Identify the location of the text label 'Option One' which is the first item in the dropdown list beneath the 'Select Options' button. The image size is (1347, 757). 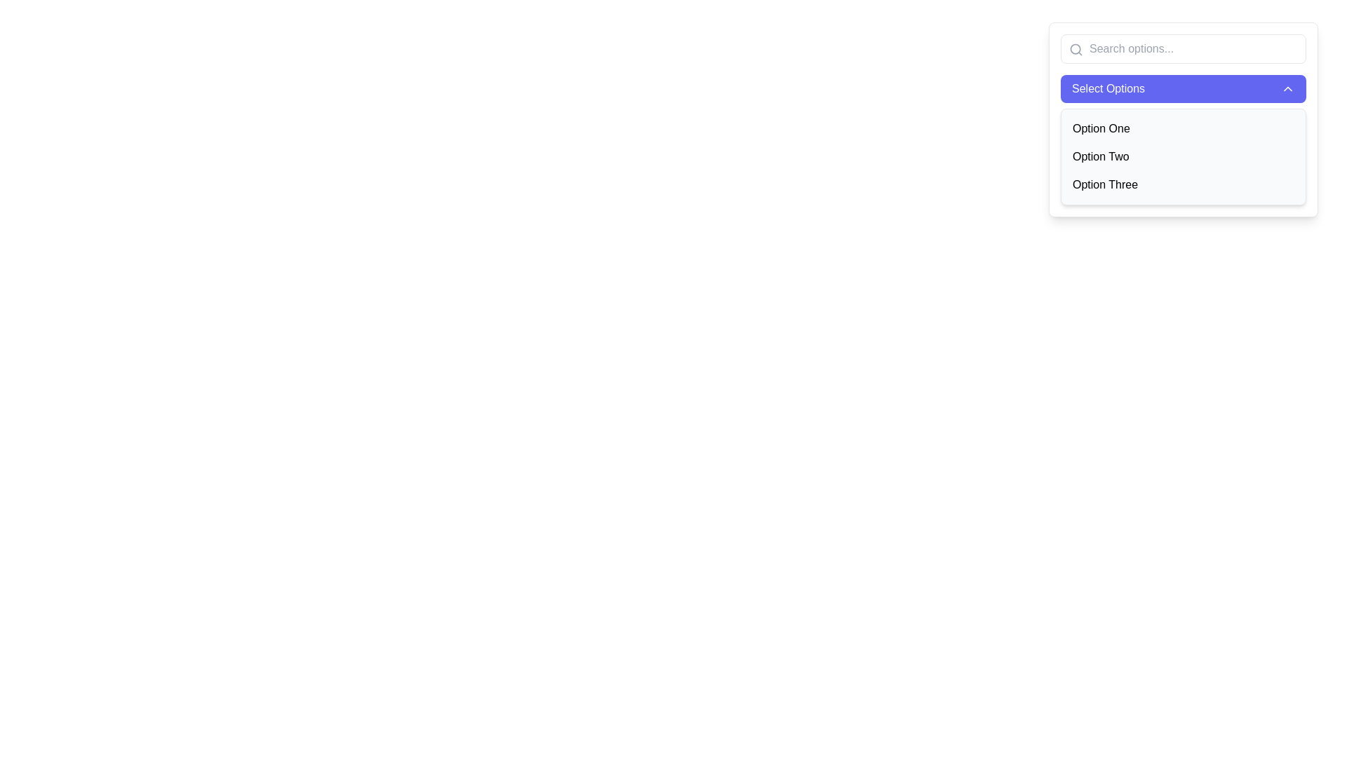
(1100, 129).